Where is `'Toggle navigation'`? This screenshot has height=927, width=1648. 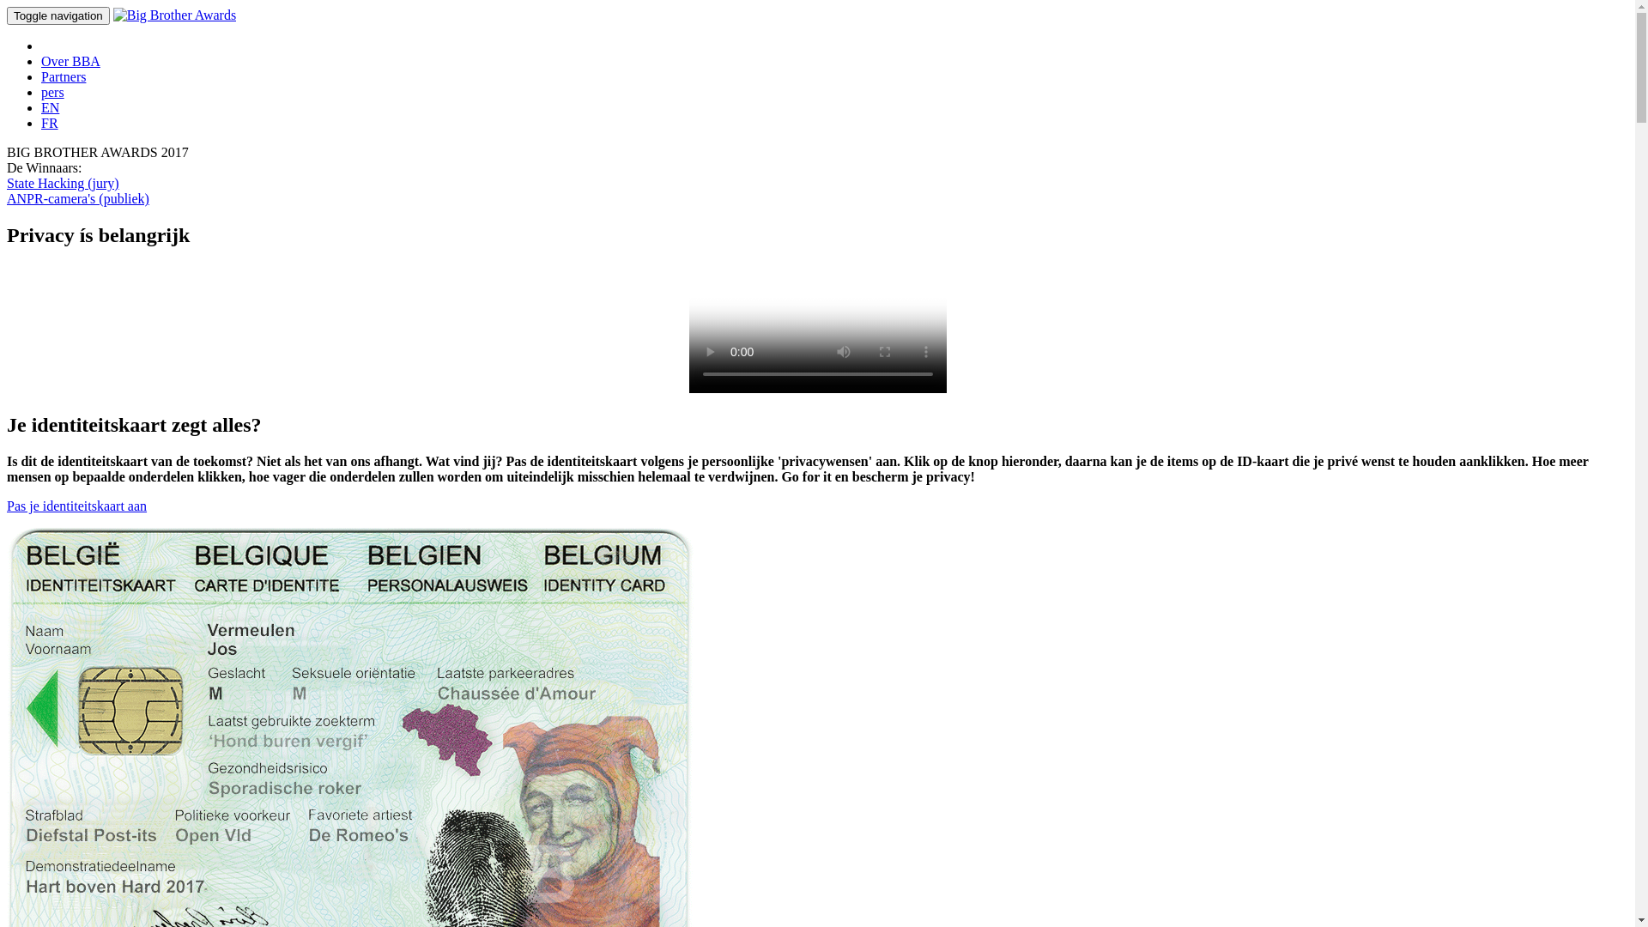 'Toggle navigation' is located at coordinates (58, 15).